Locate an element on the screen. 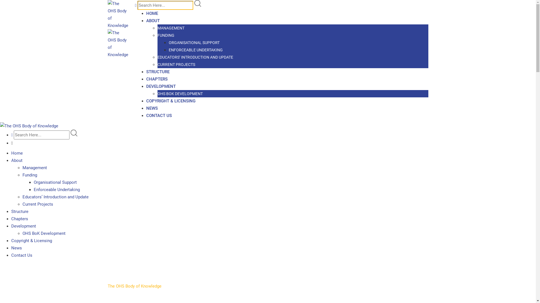 The width and height of the screenshot is (540, 303). 'ORGANISATIONAL SUPPORT' is located at coordinates (194, 42).